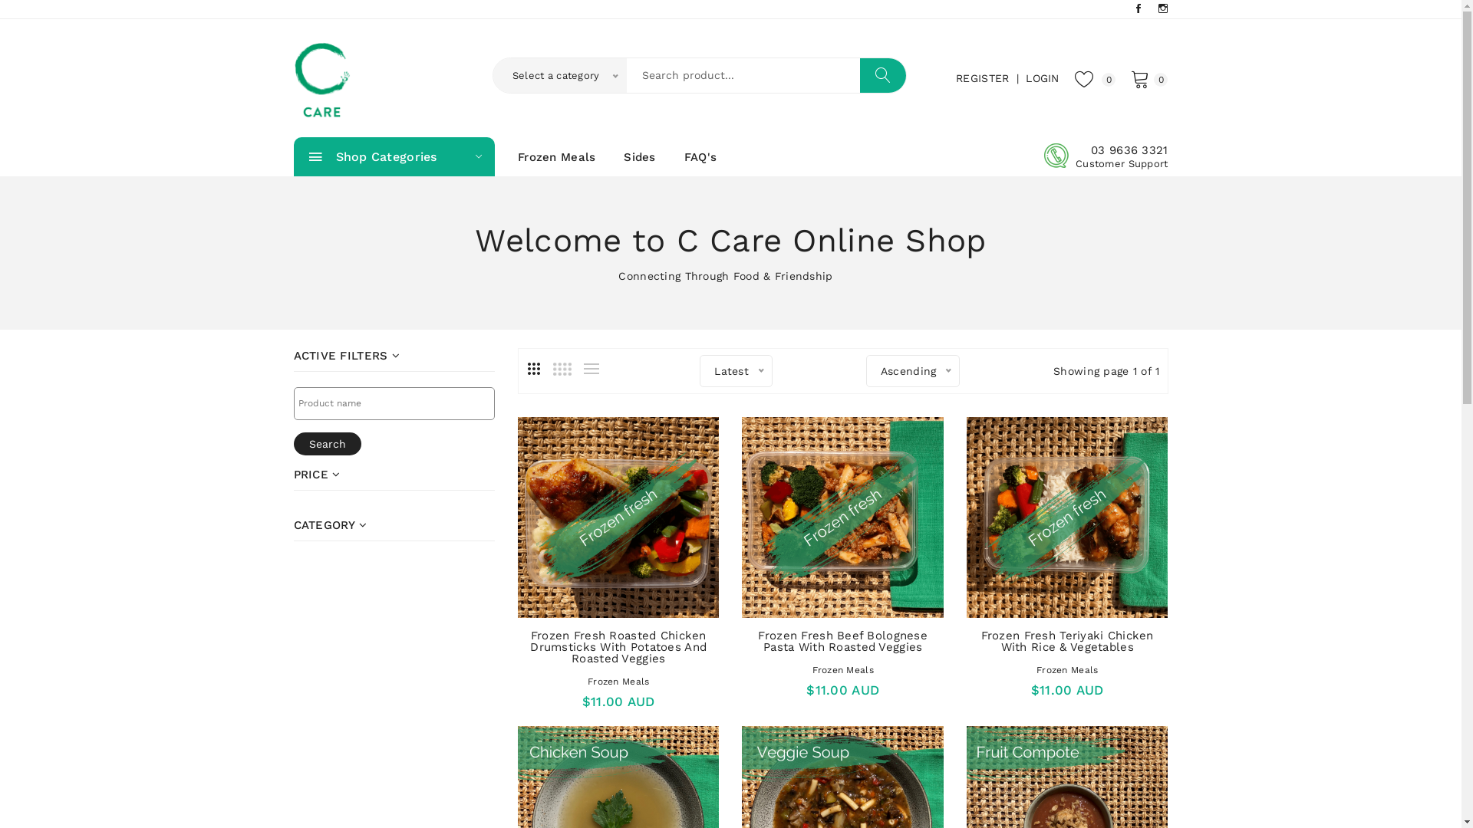  Describe the element at coordinates (699, 156) in the screenshot. I see `'FAQ'S'` at that location.